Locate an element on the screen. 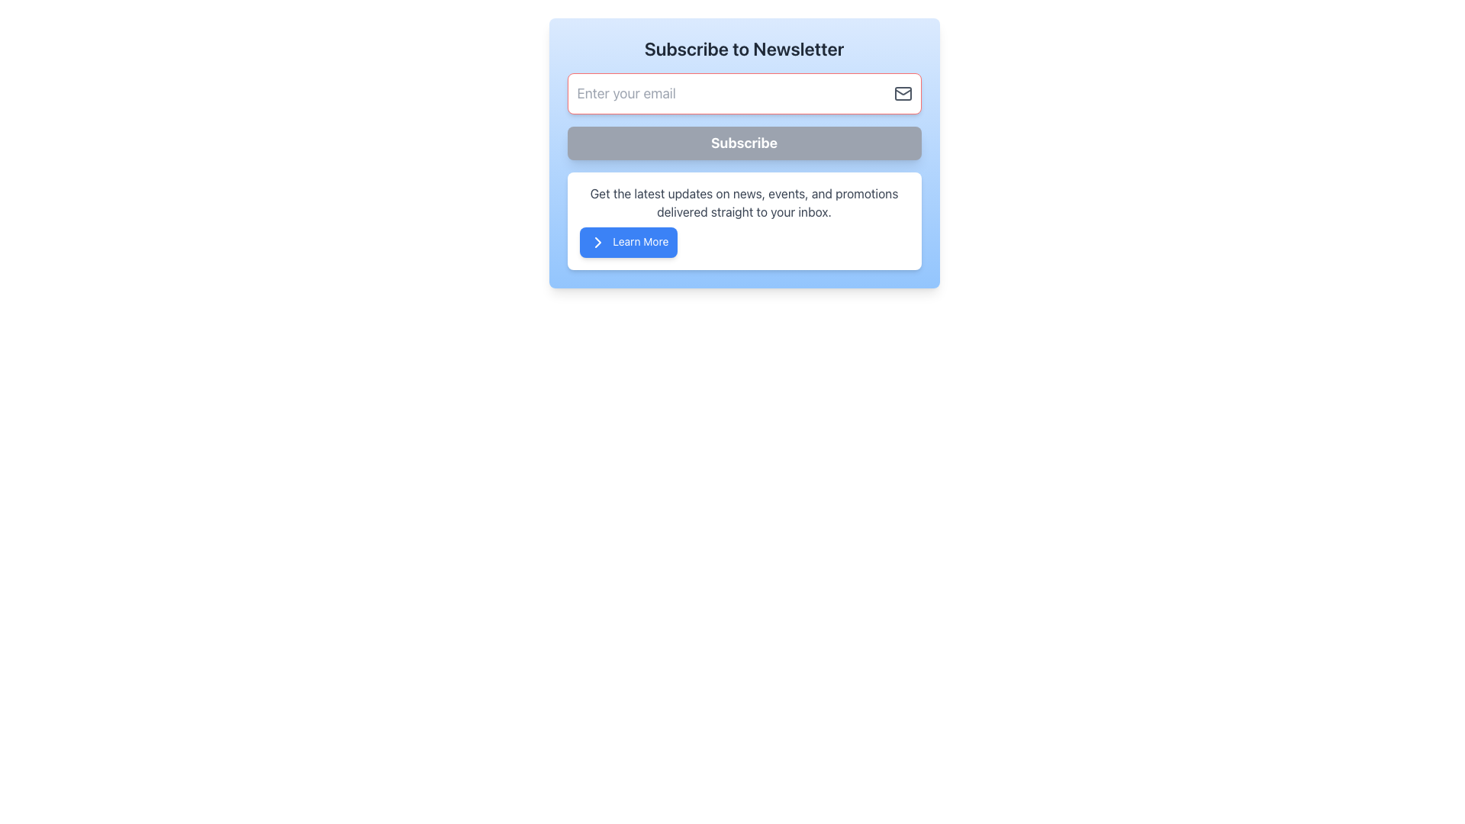 The image size is (1465, 824). the chevron icon in the upper-right quadrant of the interface, which indicates a clickable area for further navigation is located at coordinates (597, 241).